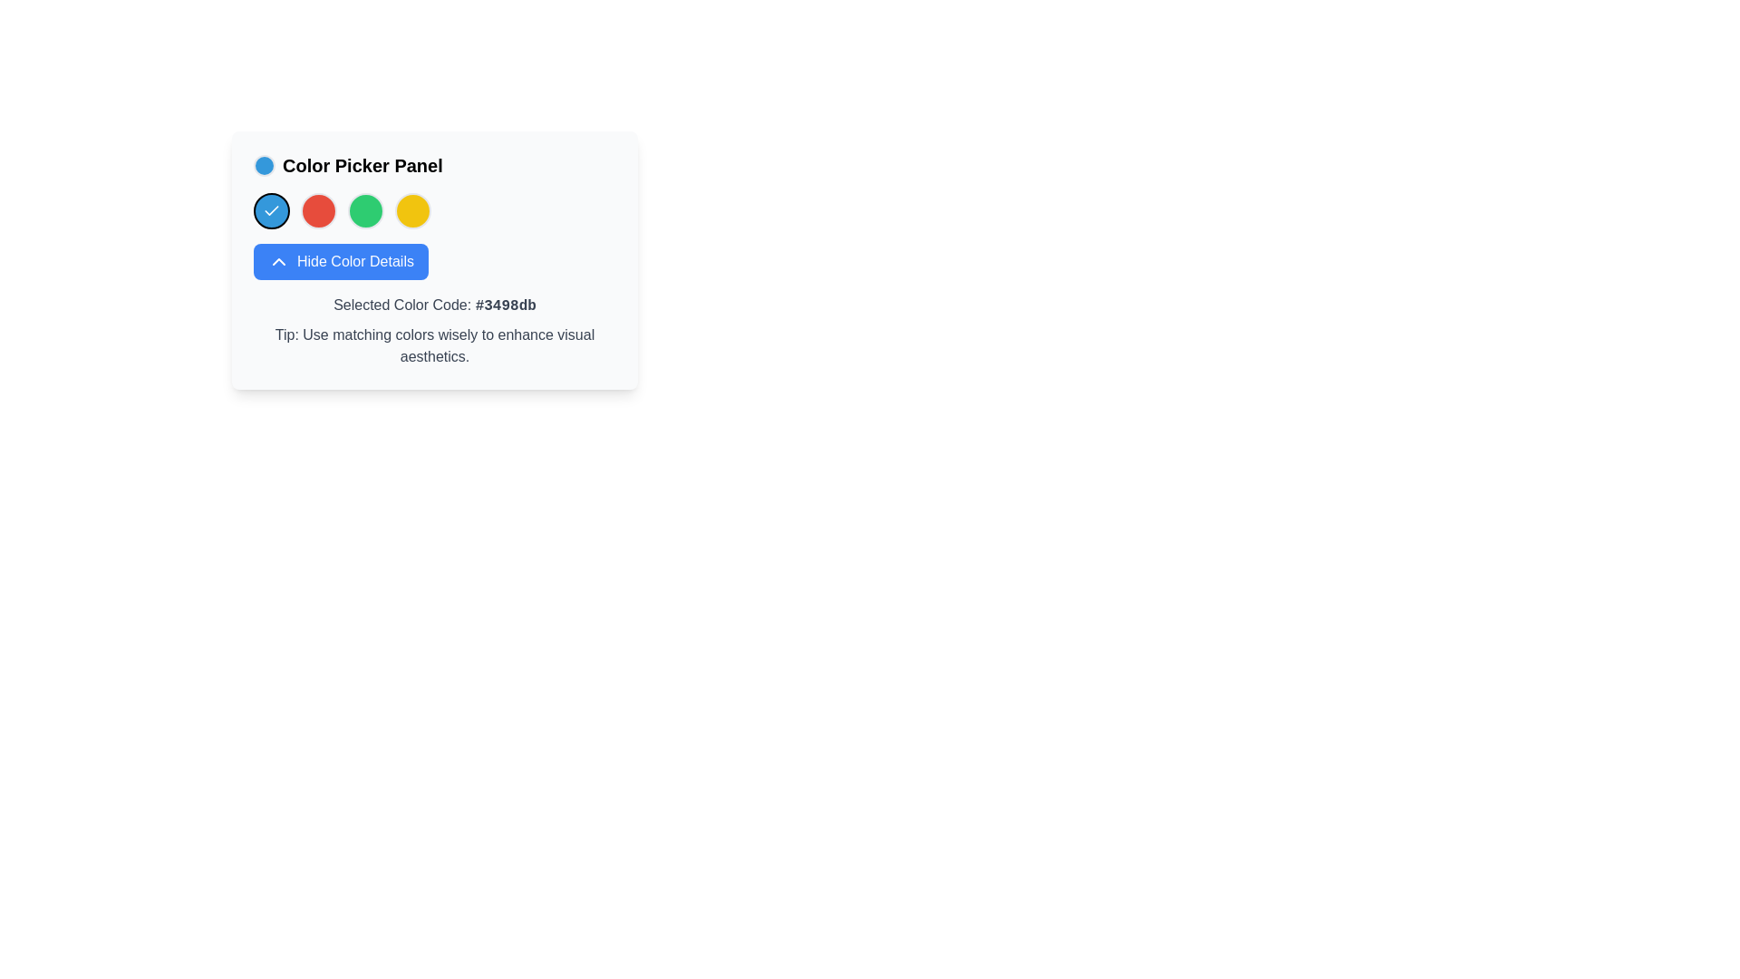  What do you see at coordinates (435, 331) in the screenshot?
I see `information presented in the informative text block located at the bottom of the Color Picker Panel, below the 'Hide Color Details' button` at bounding box center [435, 331].